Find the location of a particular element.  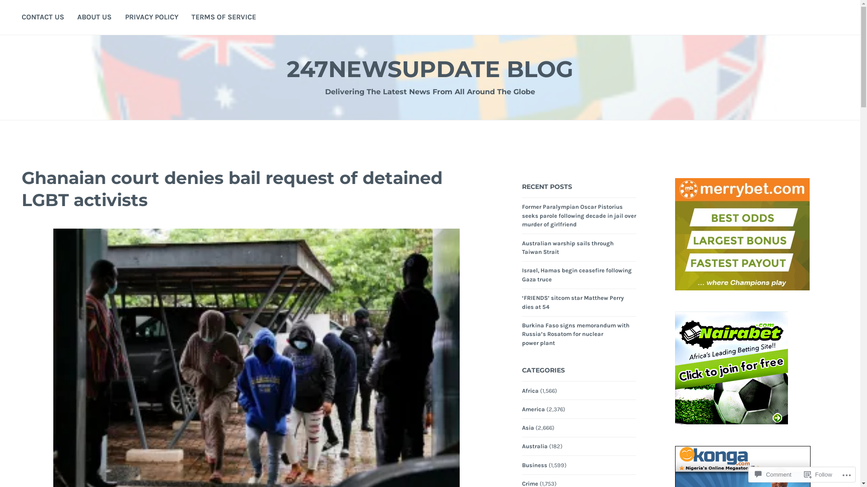

'Australia' is located at coordinates (535, 446).